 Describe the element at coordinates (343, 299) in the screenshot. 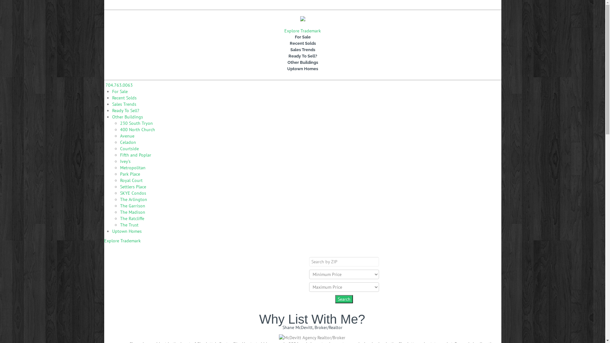

I see `'Search'` at that location.